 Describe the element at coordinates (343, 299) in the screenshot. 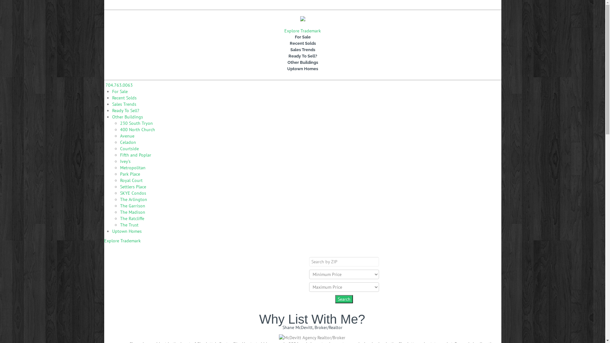

I see `'Search'` at that location.